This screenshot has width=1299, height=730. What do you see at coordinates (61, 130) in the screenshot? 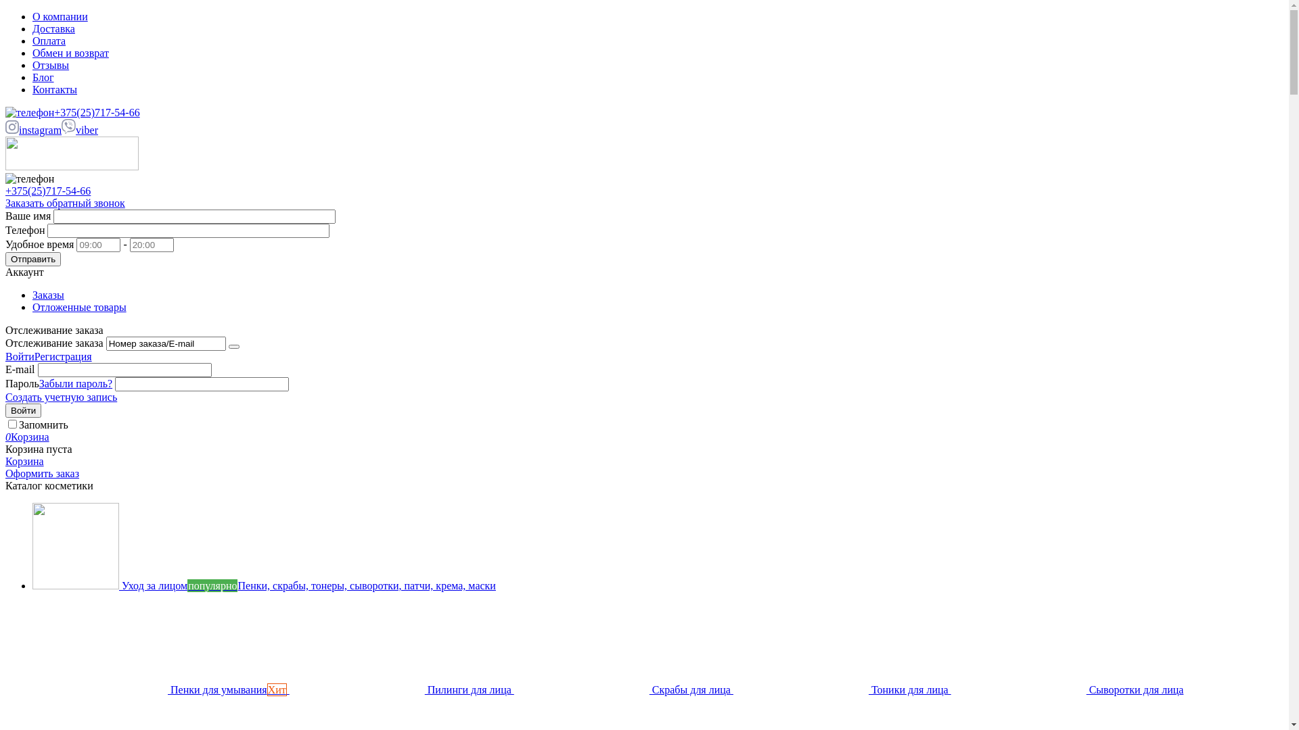
I see `'viber'` at bounding box center [61, 130].